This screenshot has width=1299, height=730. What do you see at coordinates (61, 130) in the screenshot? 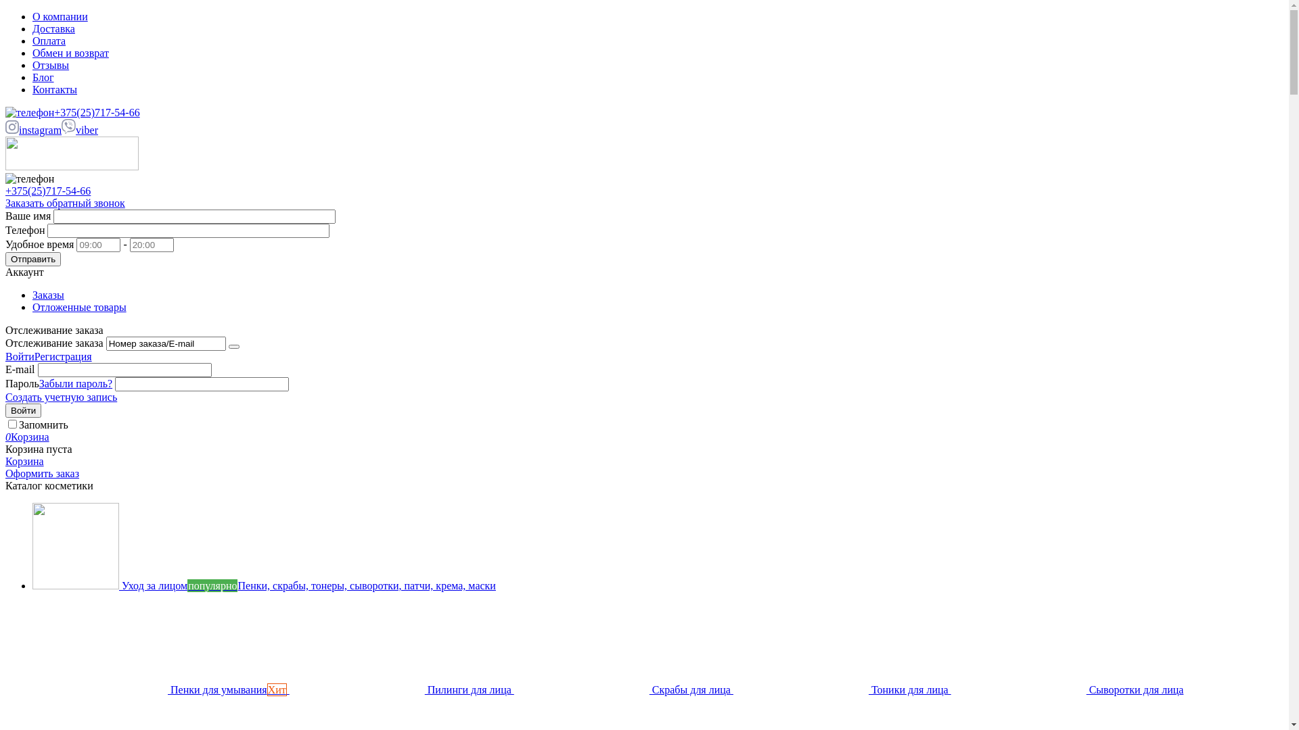
I see `'viber'` at bounding box center [61, 130].